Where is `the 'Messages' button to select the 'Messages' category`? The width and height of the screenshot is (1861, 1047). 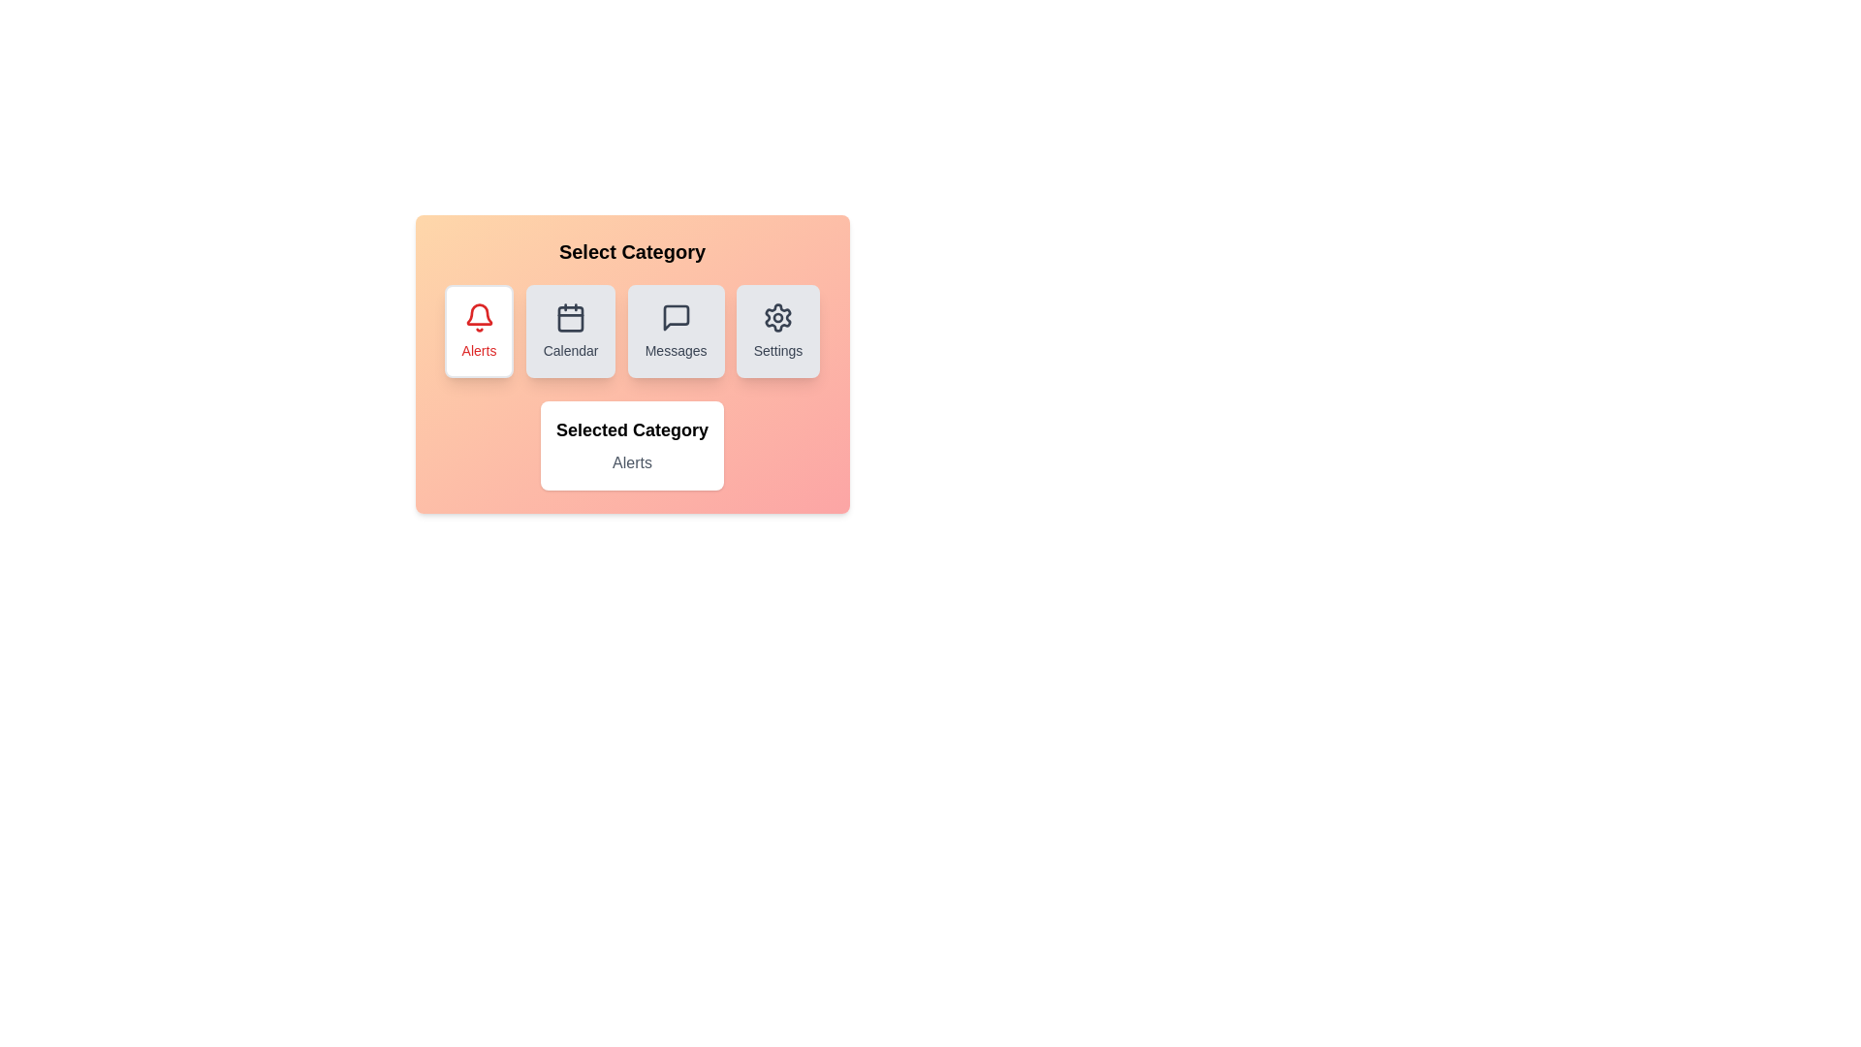
the 'Messages' button to select the 'Messages' category is located at coordinates (676, 331).